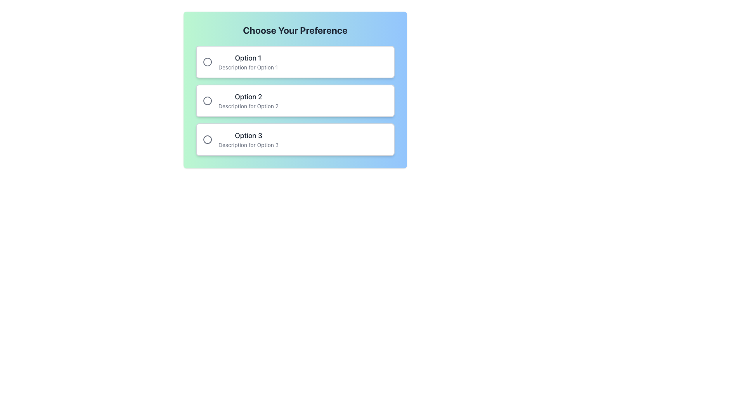 This screenshot has height=419, width=745. I want to click on the second selectable list item titled 'Option 2', so click(295, 89).